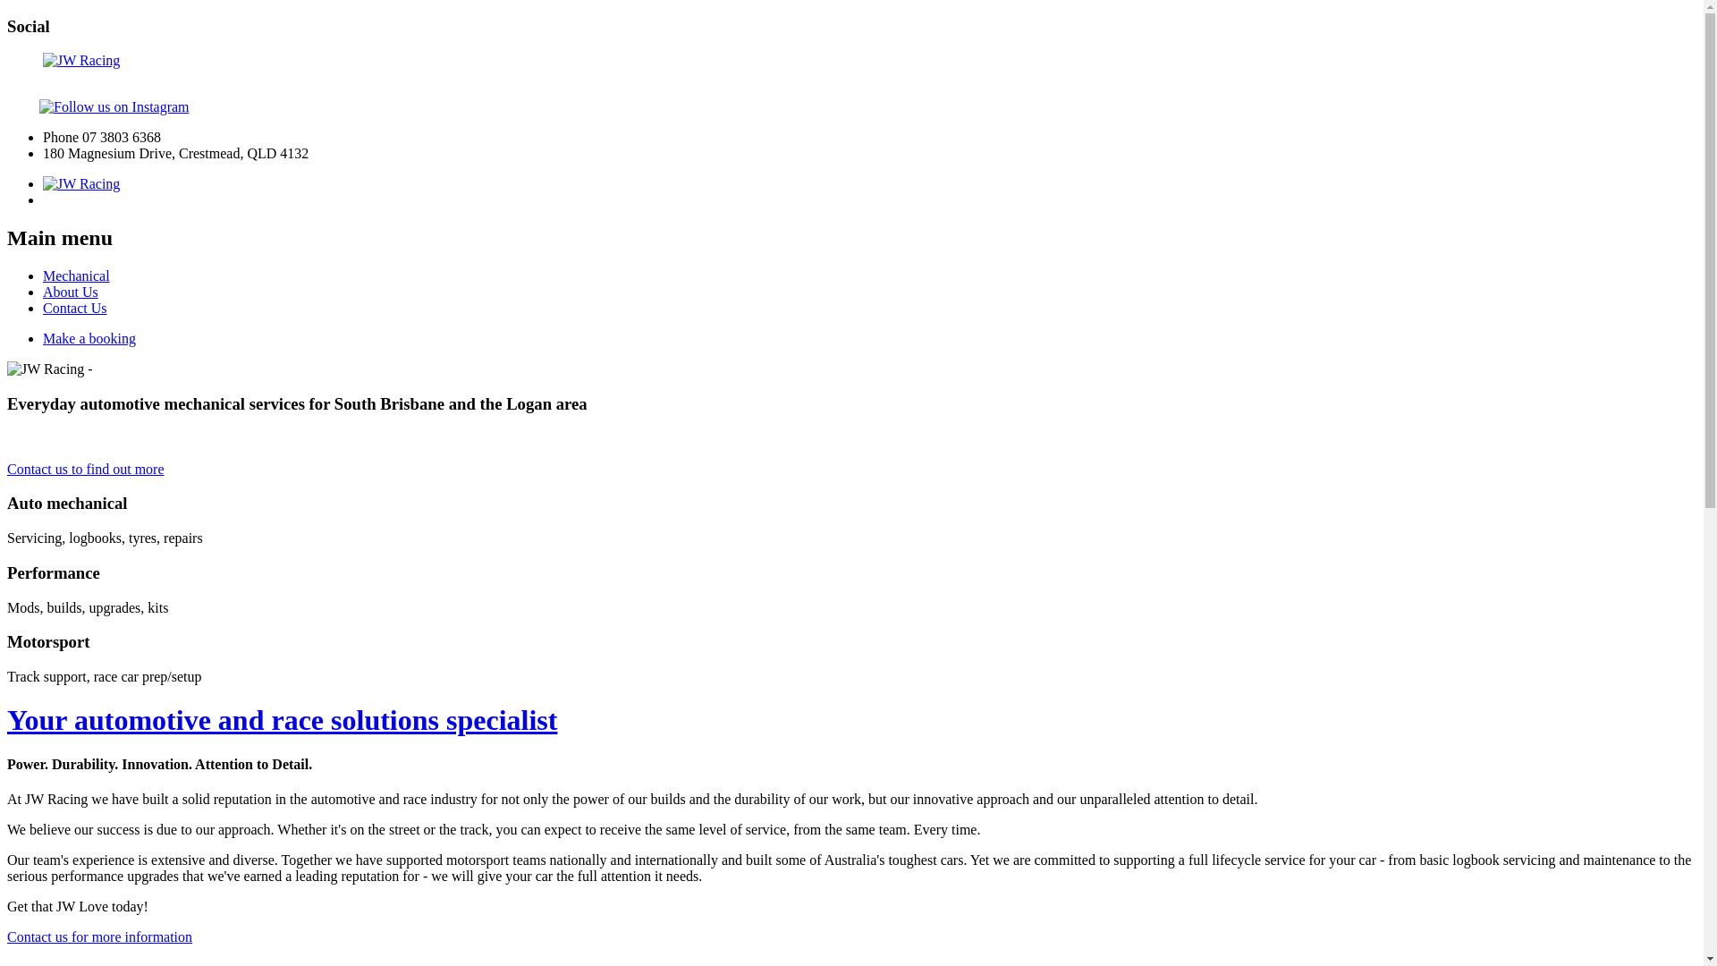  Describe the element at coordinates (850, 60) in the screenshot. I see `'JW Racing - Automotive and race solutions'` at that location.